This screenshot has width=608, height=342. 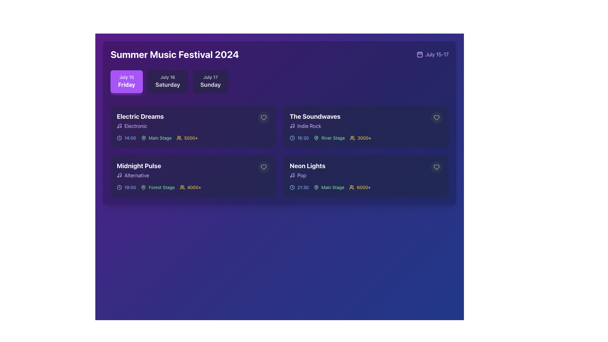 I want to click on the event card summary located at the second item in the second row of a 2x2 grid layout, so click(x=366, y=127).